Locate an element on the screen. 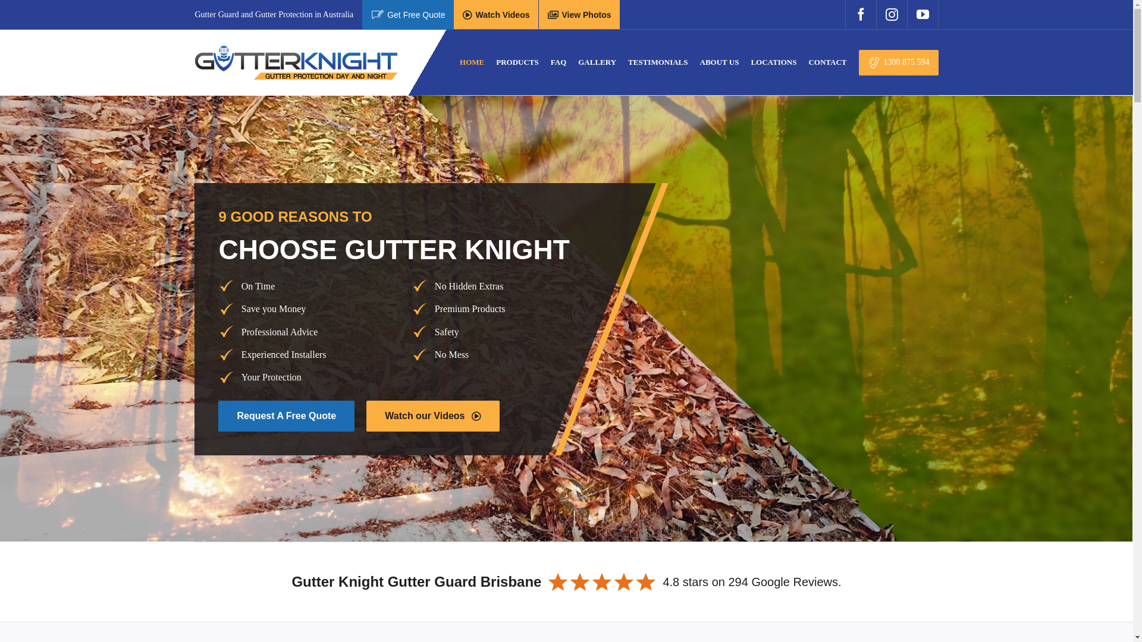 This screenshot has height=642, width=1142. 'Get Free Quote' is located at coordinates (408, 14).